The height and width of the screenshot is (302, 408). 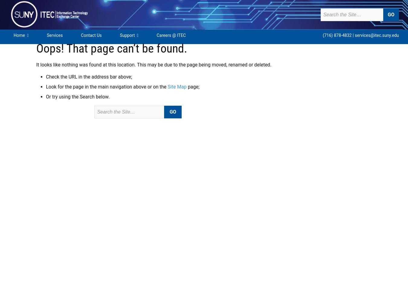 I want to click on 'services@itec.suny.edu', so click(x=377, y=35).